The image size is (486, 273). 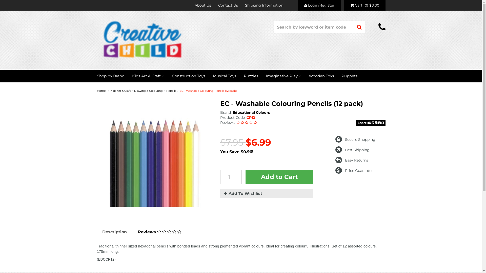 What do you see at coordinates (264, 5) in the screenshot?
I see `'Shipping Information'` at bounding box center [264, 5].